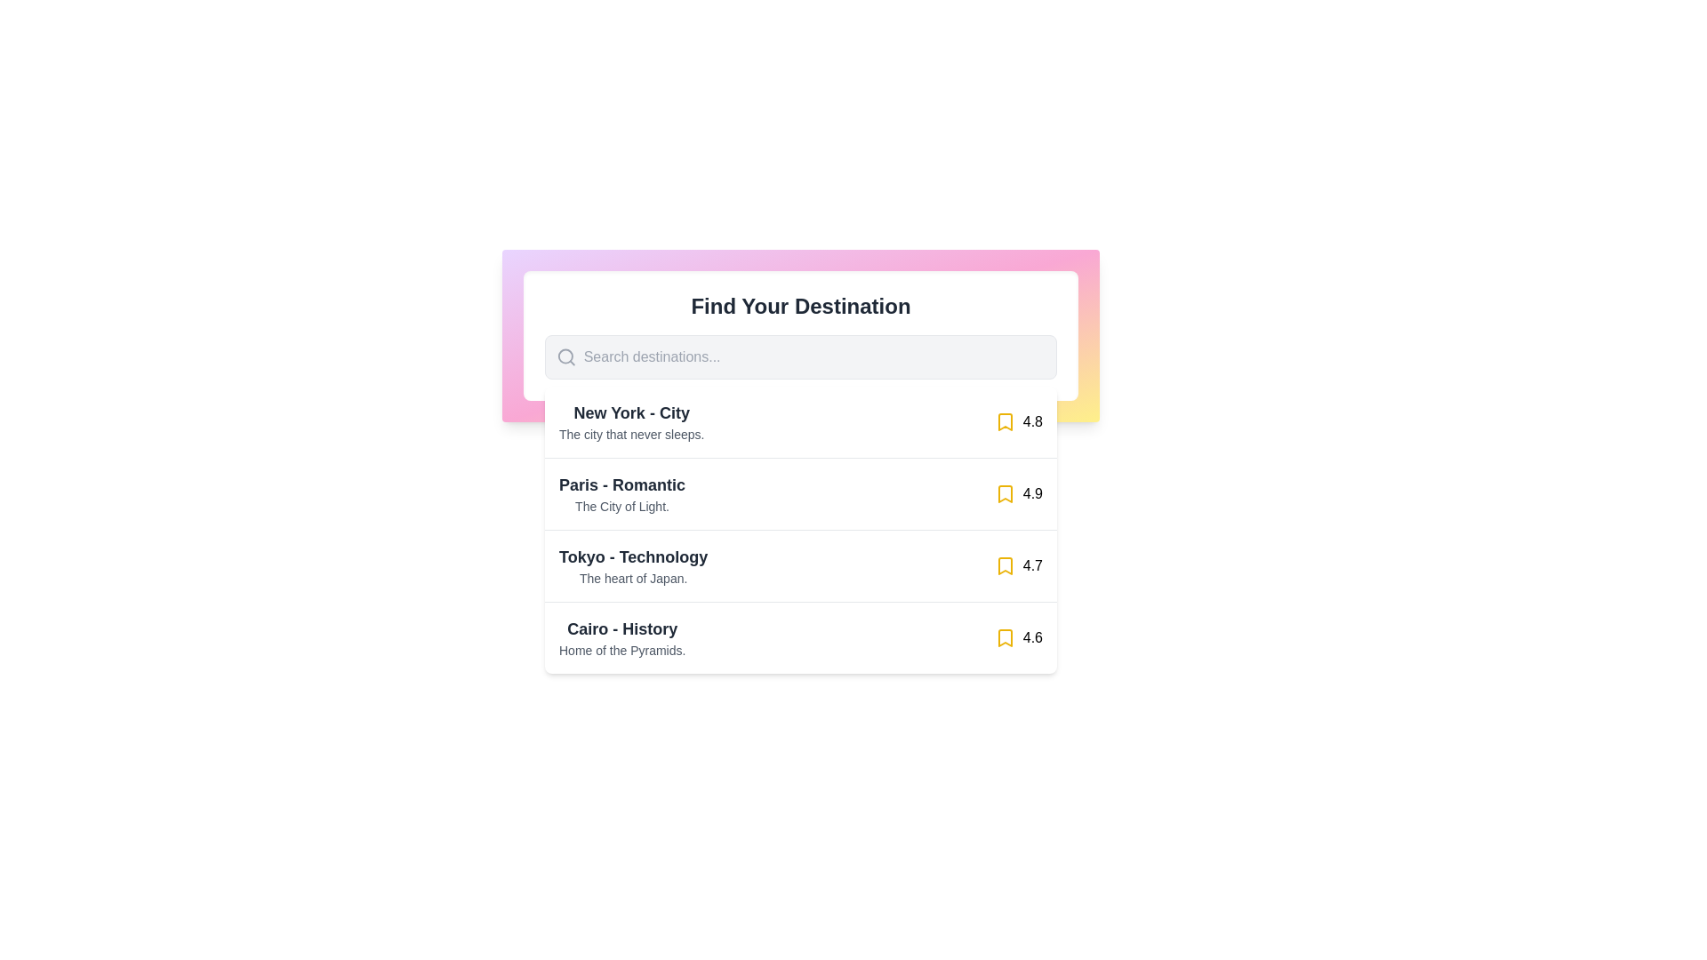  What do you see at coordinates (1005, 636) in the screenshot?
I see `the yellow bookmark-shaped icon located next to the rating '4.6' in the list of destinations` at bounding box center [1005, 636].